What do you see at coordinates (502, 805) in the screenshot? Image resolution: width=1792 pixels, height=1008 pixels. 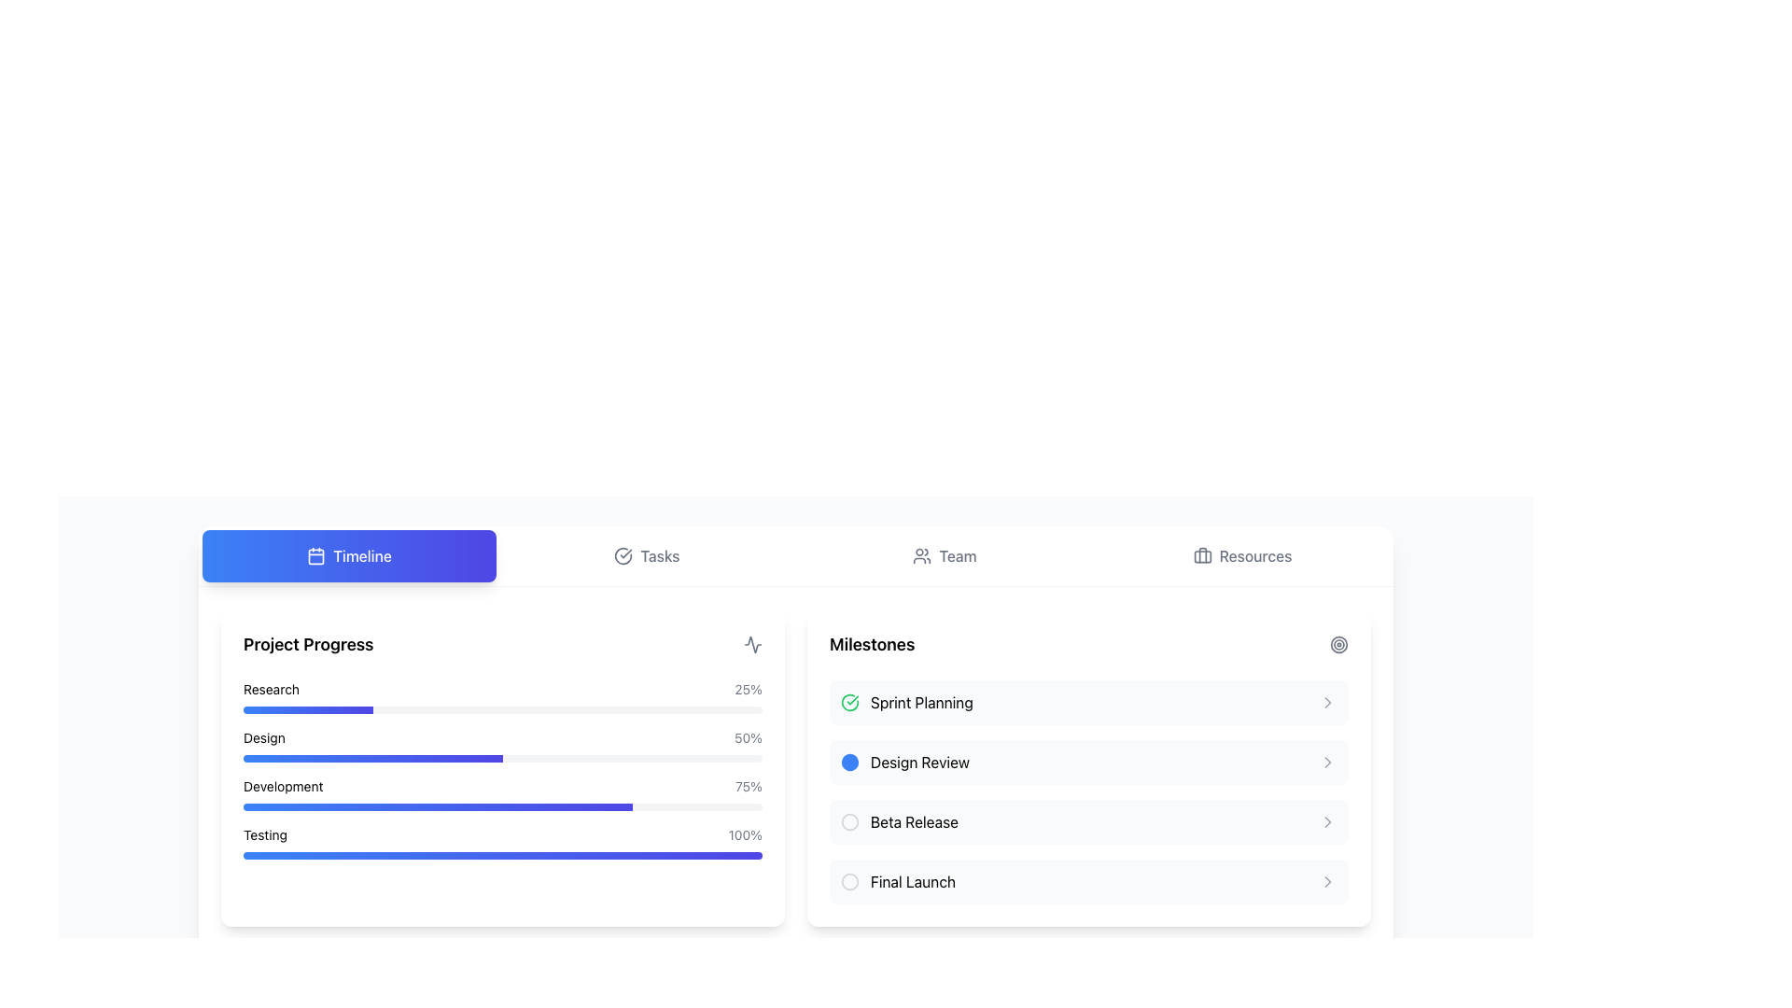 I see `the progress bar with a smooth, rounded appearance and a gradient filling transitioning from blue to indigo, located below the 'Development' label in the 'Project Progress' section` at bounding box center [502, 805].